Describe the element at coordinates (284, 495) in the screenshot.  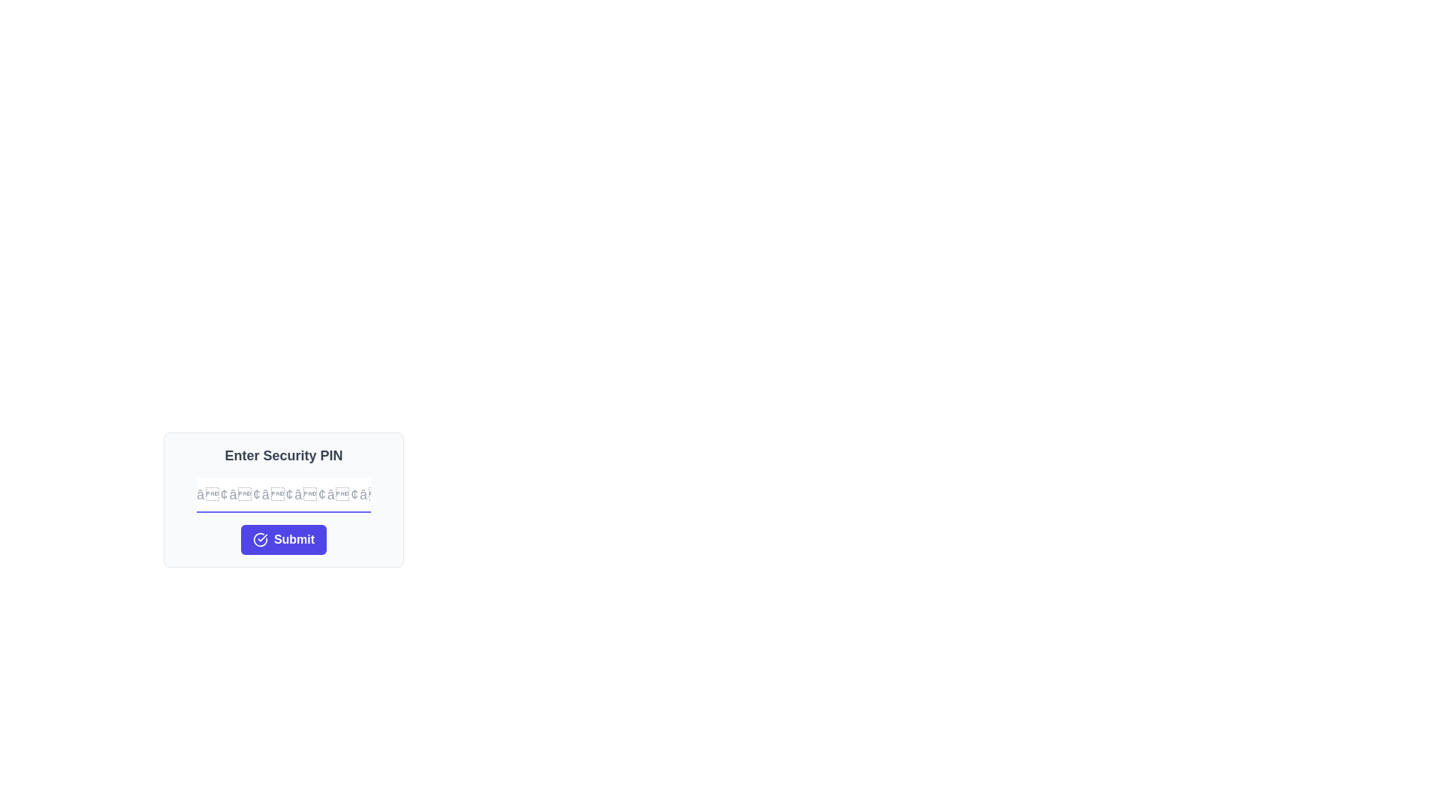
I see `the text input box for entering the security PIN, which is centrally positioned below the title 'Enter Security PIN' and above the 'Submit' button` at that location.